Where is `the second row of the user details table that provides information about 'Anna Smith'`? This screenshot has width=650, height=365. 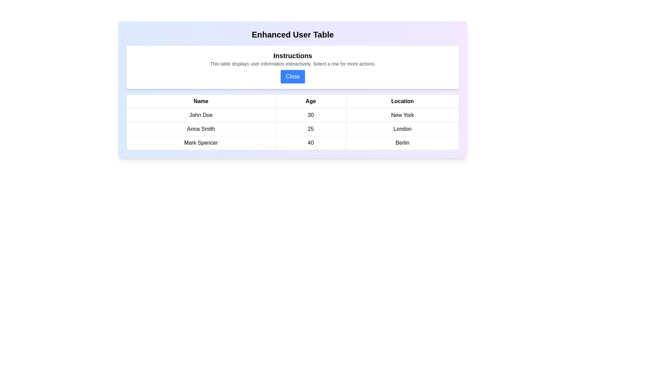
the second row of the user details table that provides information about 'Anna Smith' is located at coordinates (292, 129).